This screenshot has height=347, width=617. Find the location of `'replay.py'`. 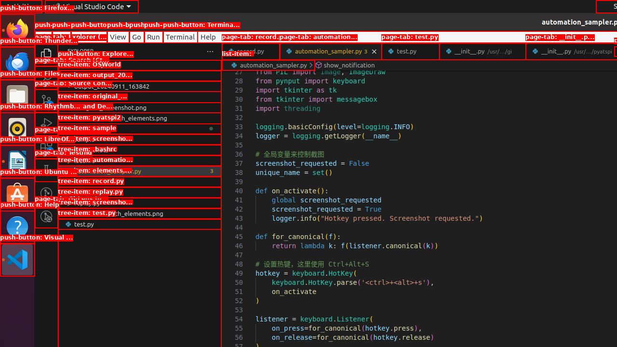

'replay.py' is located at coordinates (139, 202).